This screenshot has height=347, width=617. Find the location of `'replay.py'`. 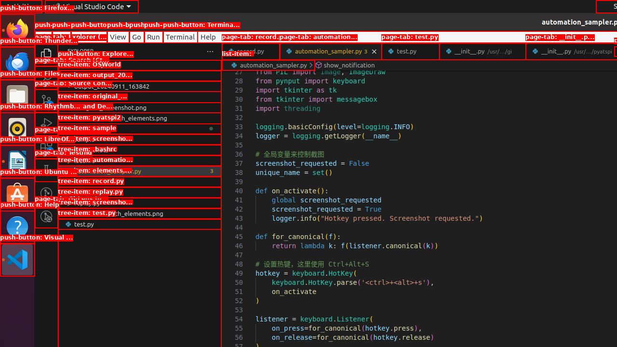

'replay.py' is located at coordinates (139, 202).